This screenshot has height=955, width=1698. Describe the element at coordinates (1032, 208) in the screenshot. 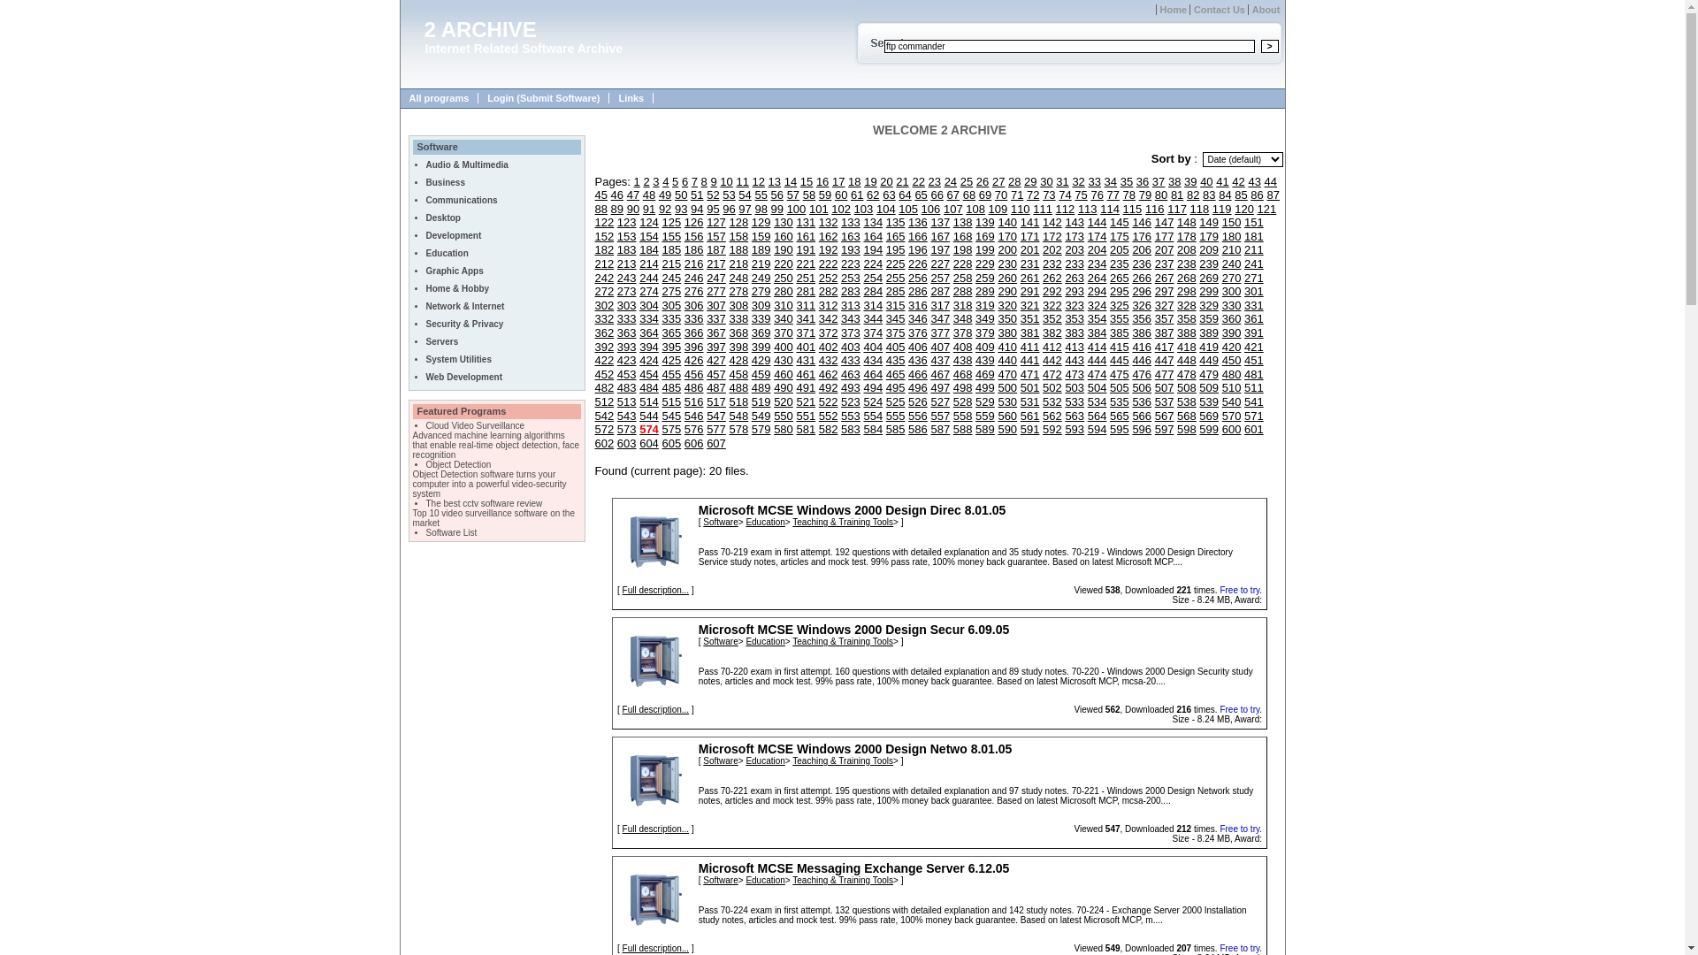

I see `'111'` at that location.